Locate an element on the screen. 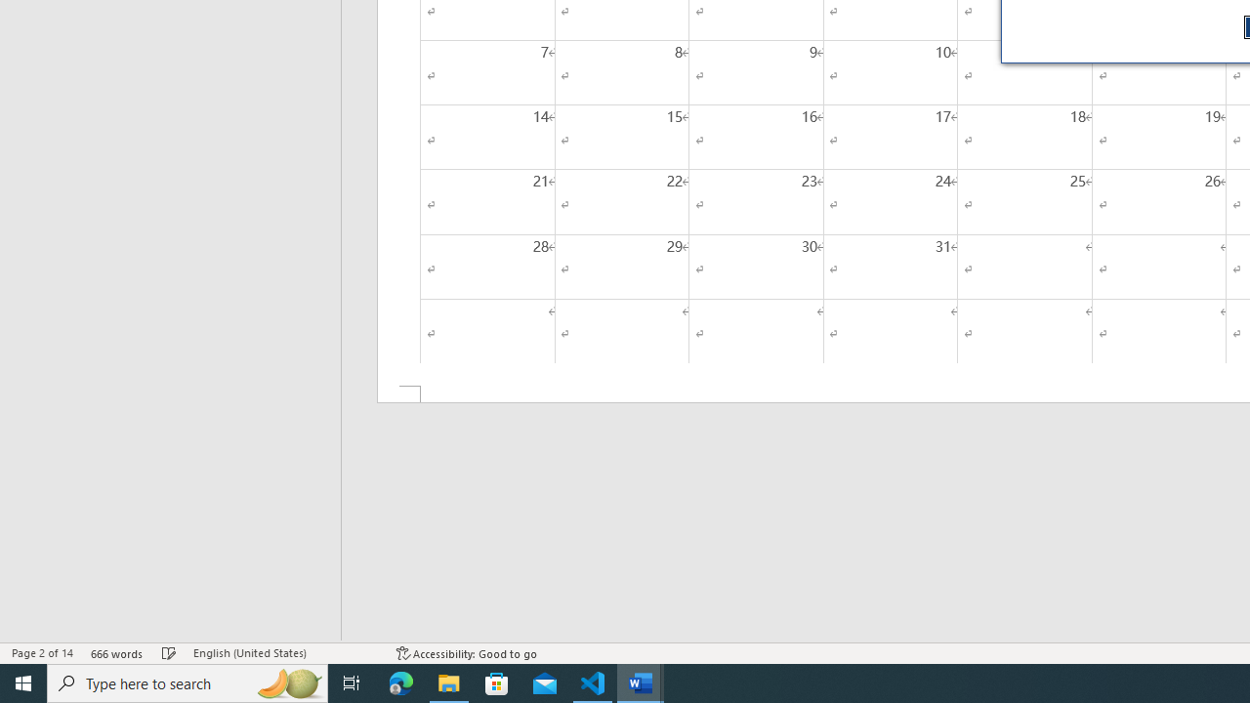 This screenshot has width=1250, height=703. 'Word - 2 running windows' is located at coordinates (641, 682).